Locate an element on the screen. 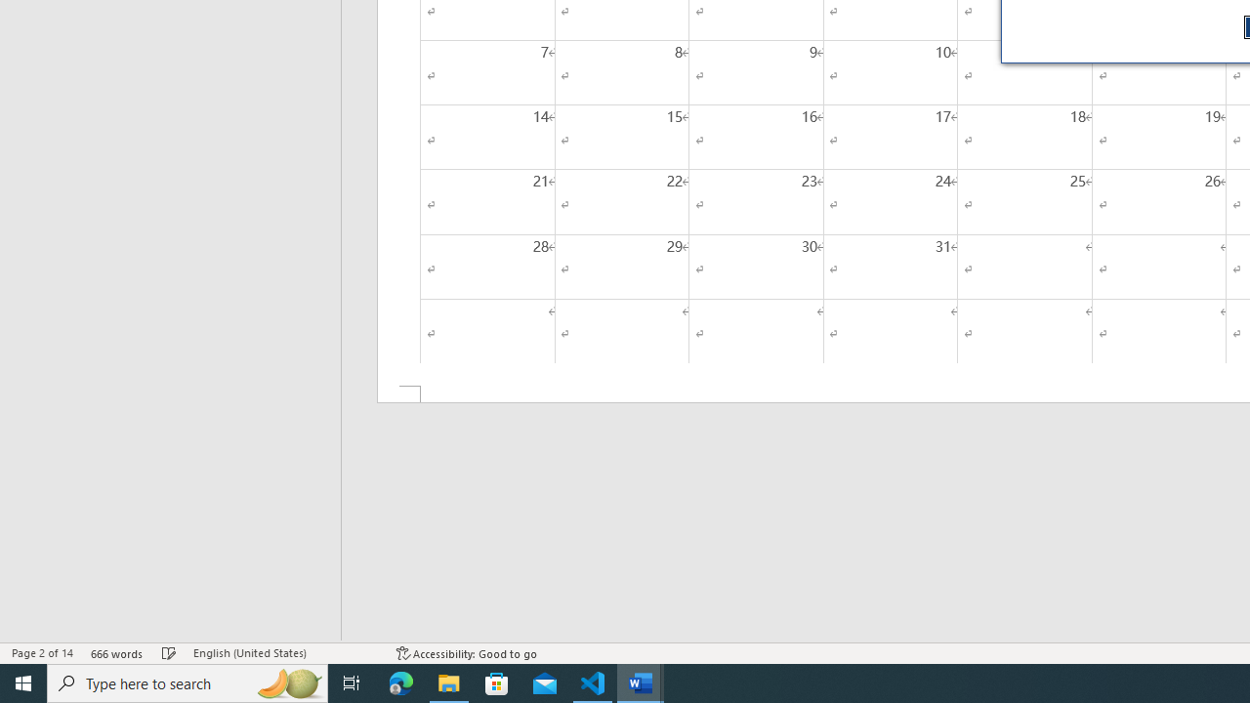 This screenshot has width=1250, height=703. 'Word - 2 running windows' is located at coordinates (641, 682).